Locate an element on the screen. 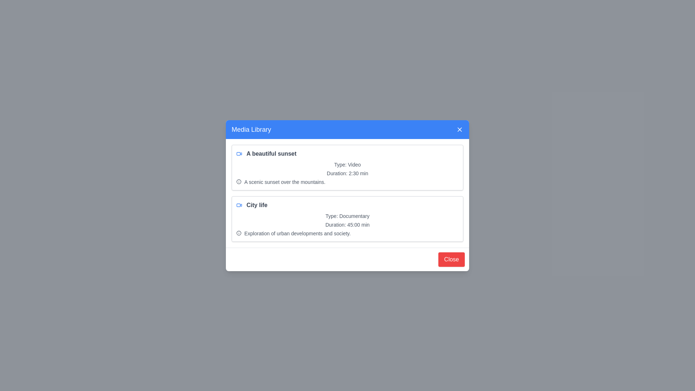 This screenshot has height=391, width=695. the Text label displaying 'Duration: 2:30 min', which is styled in a small gray font on a white background, located within the metadata section of the modal is located at coordinates (347, 173).